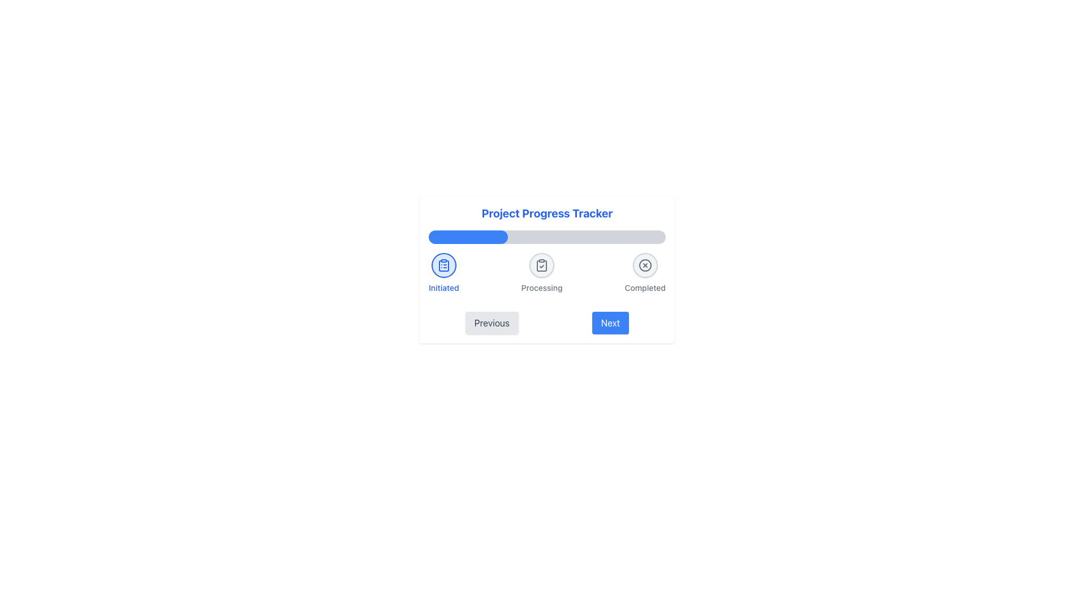 This screenshot has width=1086, height=610. Describe the element at coordinates (443, 273) in the screenshot. I see `the Status indicator element that features a clipboard icon and the label 'Initiated', which is the leftmost component in a horizontal alignment within a progress tracker UI section` at that location.